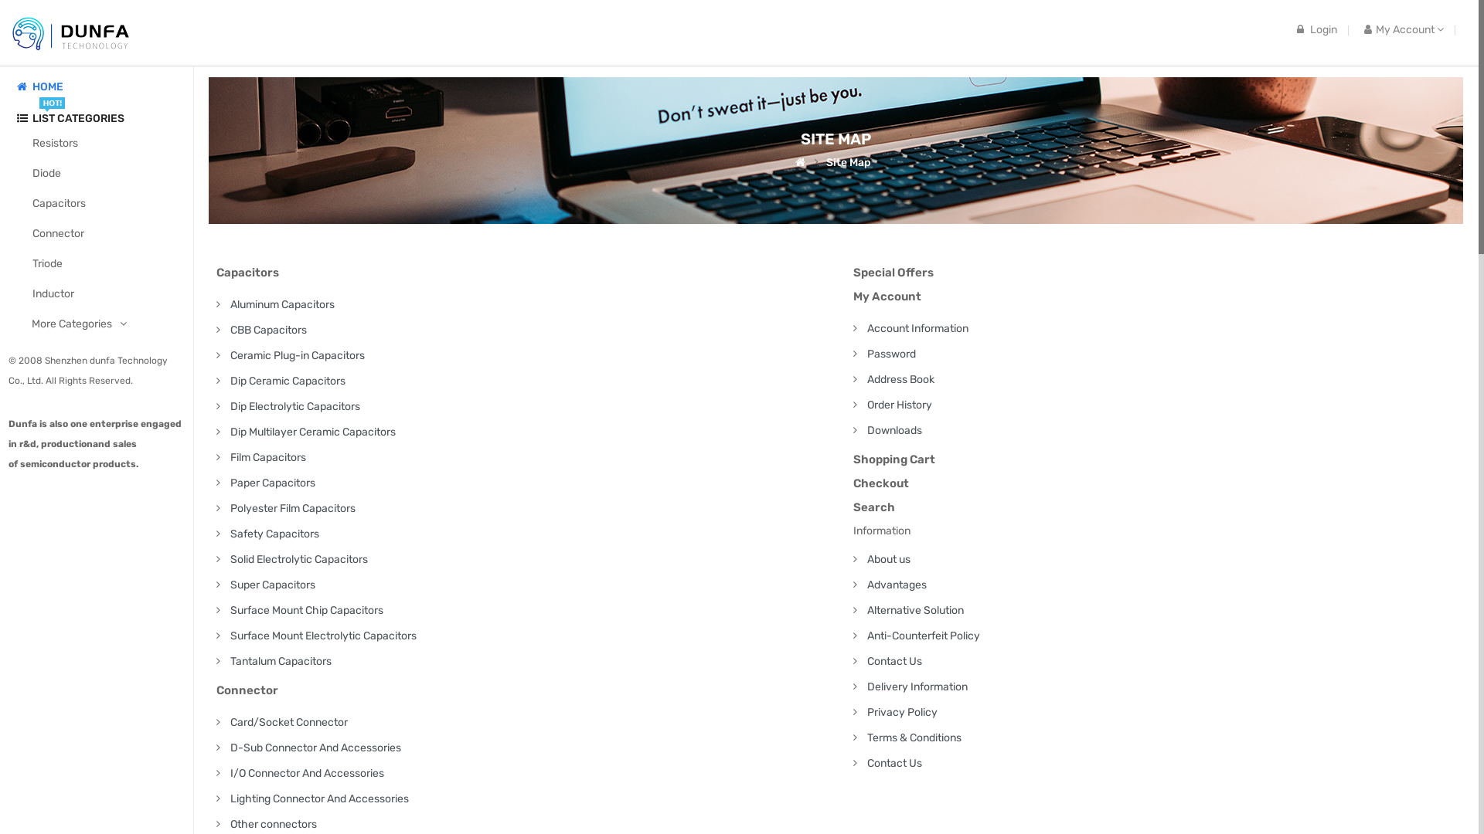 The height and width of the screenshot is (834, 1484). I want to click on 'Inductor', so click(107, 293).